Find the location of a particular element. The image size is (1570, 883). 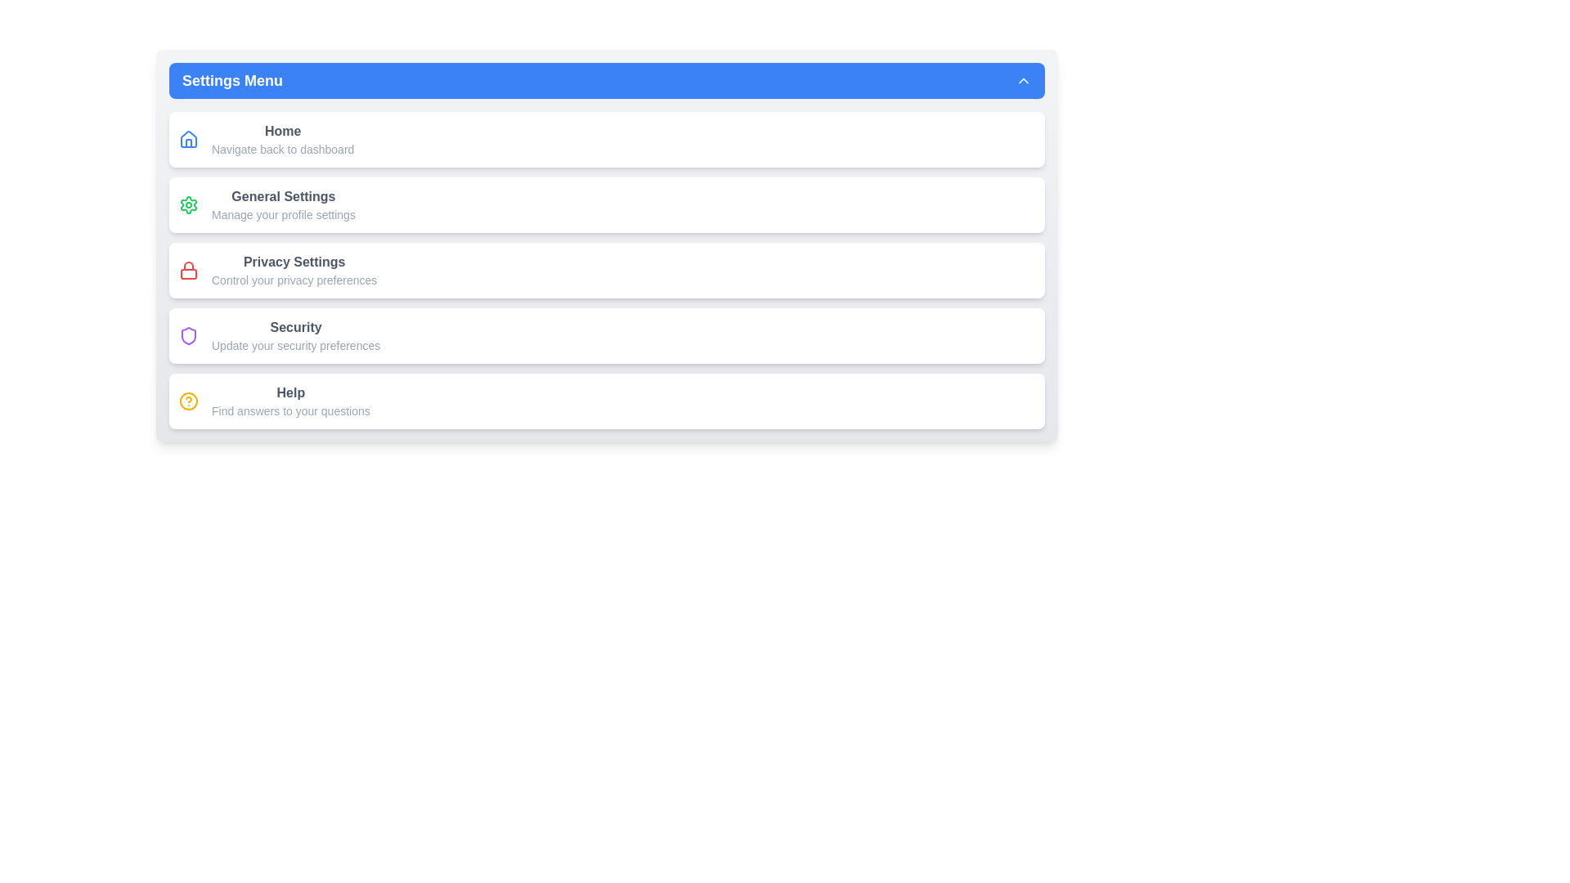

the Text label that provides supplementary information for the 'Privacy Settings' heading located beneath it in the Settings Menu is located at coordinates (294, 280).